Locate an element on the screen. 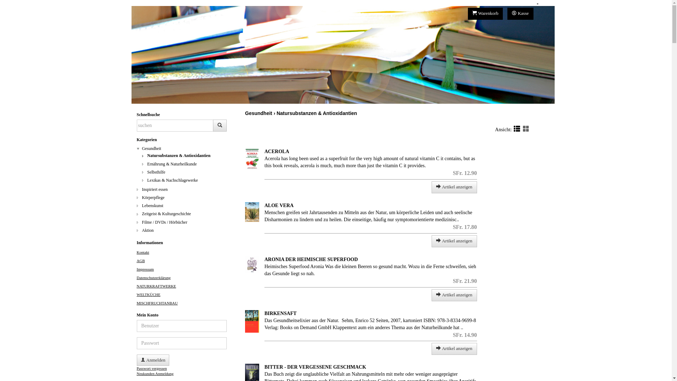  'Warenkorb' is located at coordinates (485, 13).